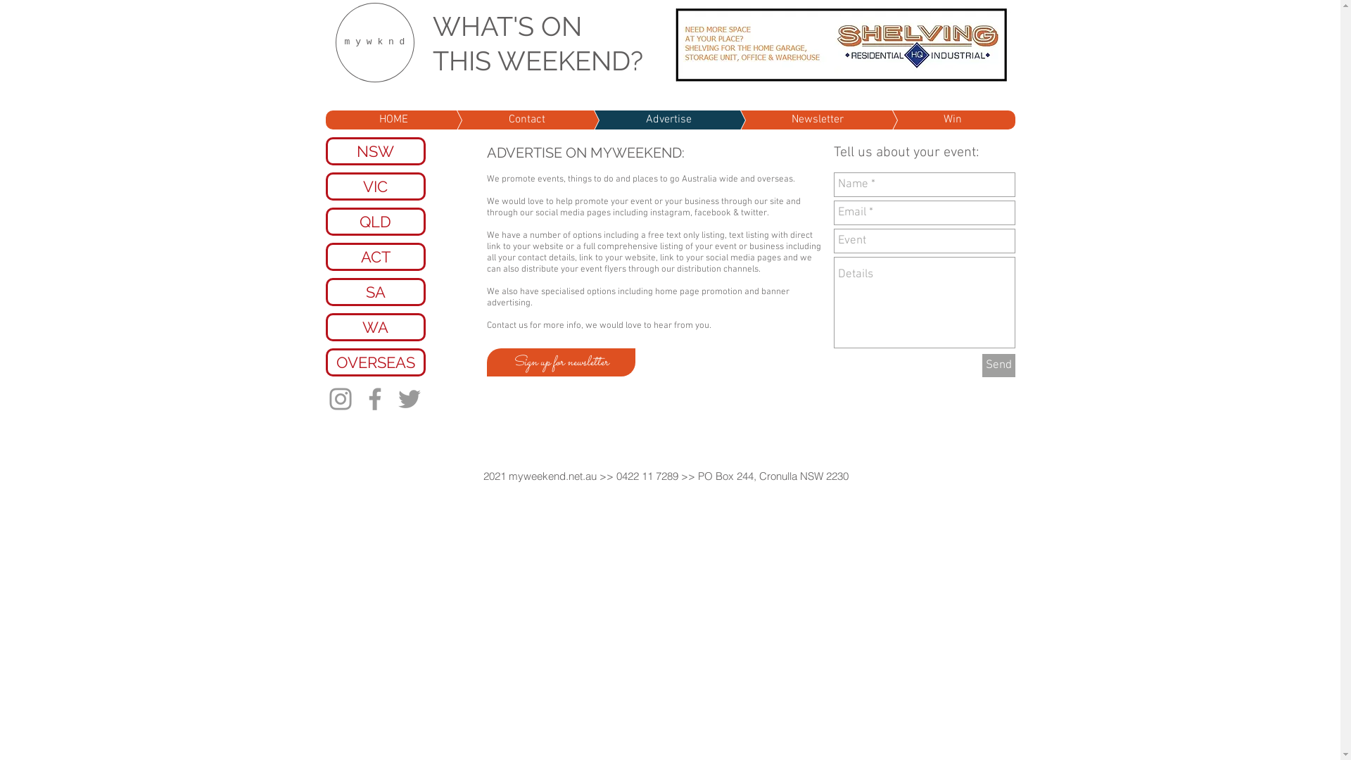  I want to click on 'Send', so click(998, 365).